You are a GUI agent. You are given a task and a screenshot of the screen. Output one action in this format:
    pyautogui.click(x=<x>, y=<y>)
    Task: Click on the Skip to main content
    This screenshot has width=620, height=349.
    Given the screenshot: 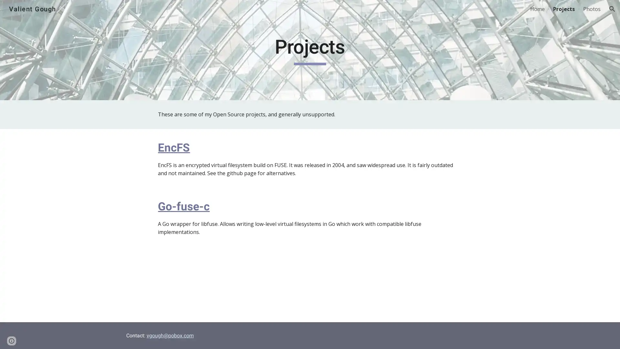 What is the action you would take?
    pyautogui.click(x=254, y=12)
    